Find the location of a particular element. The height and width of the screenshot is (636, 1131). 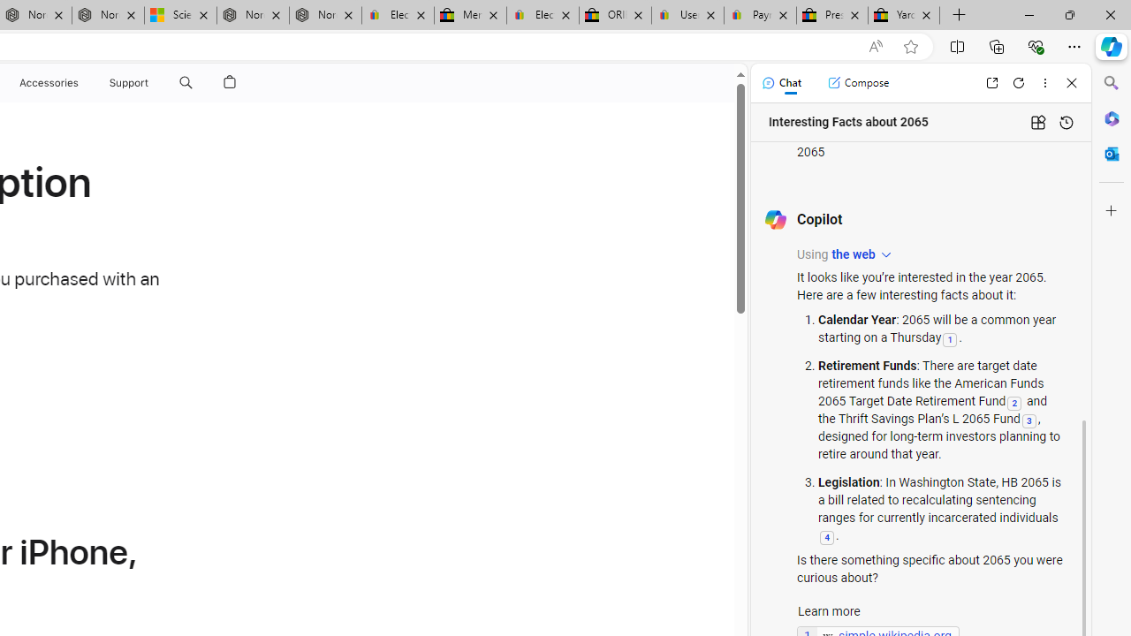

'Class: globalnav-submenu-trigger-item' is located at coordinates (152, 82).